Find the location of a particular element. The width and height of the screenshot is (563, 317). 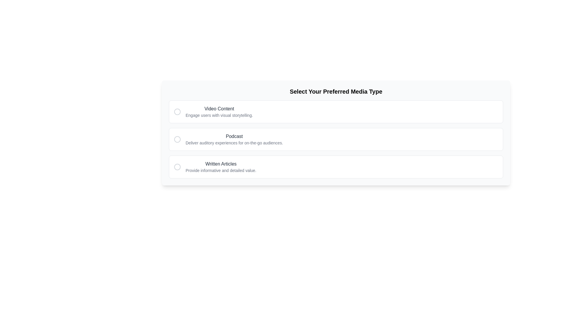

the 'Video Content' list item is located at coordinates (219, 112).